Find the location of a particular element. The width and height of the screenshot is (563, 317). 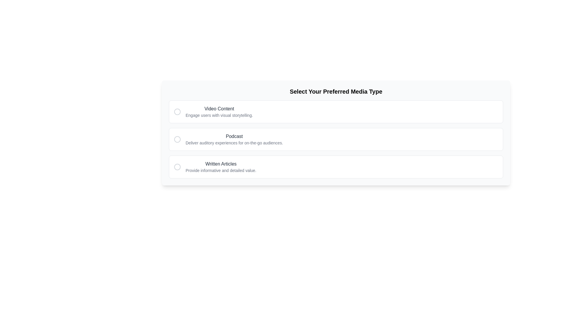

the 'Video Content' list item is located at coordinates (219, 112).